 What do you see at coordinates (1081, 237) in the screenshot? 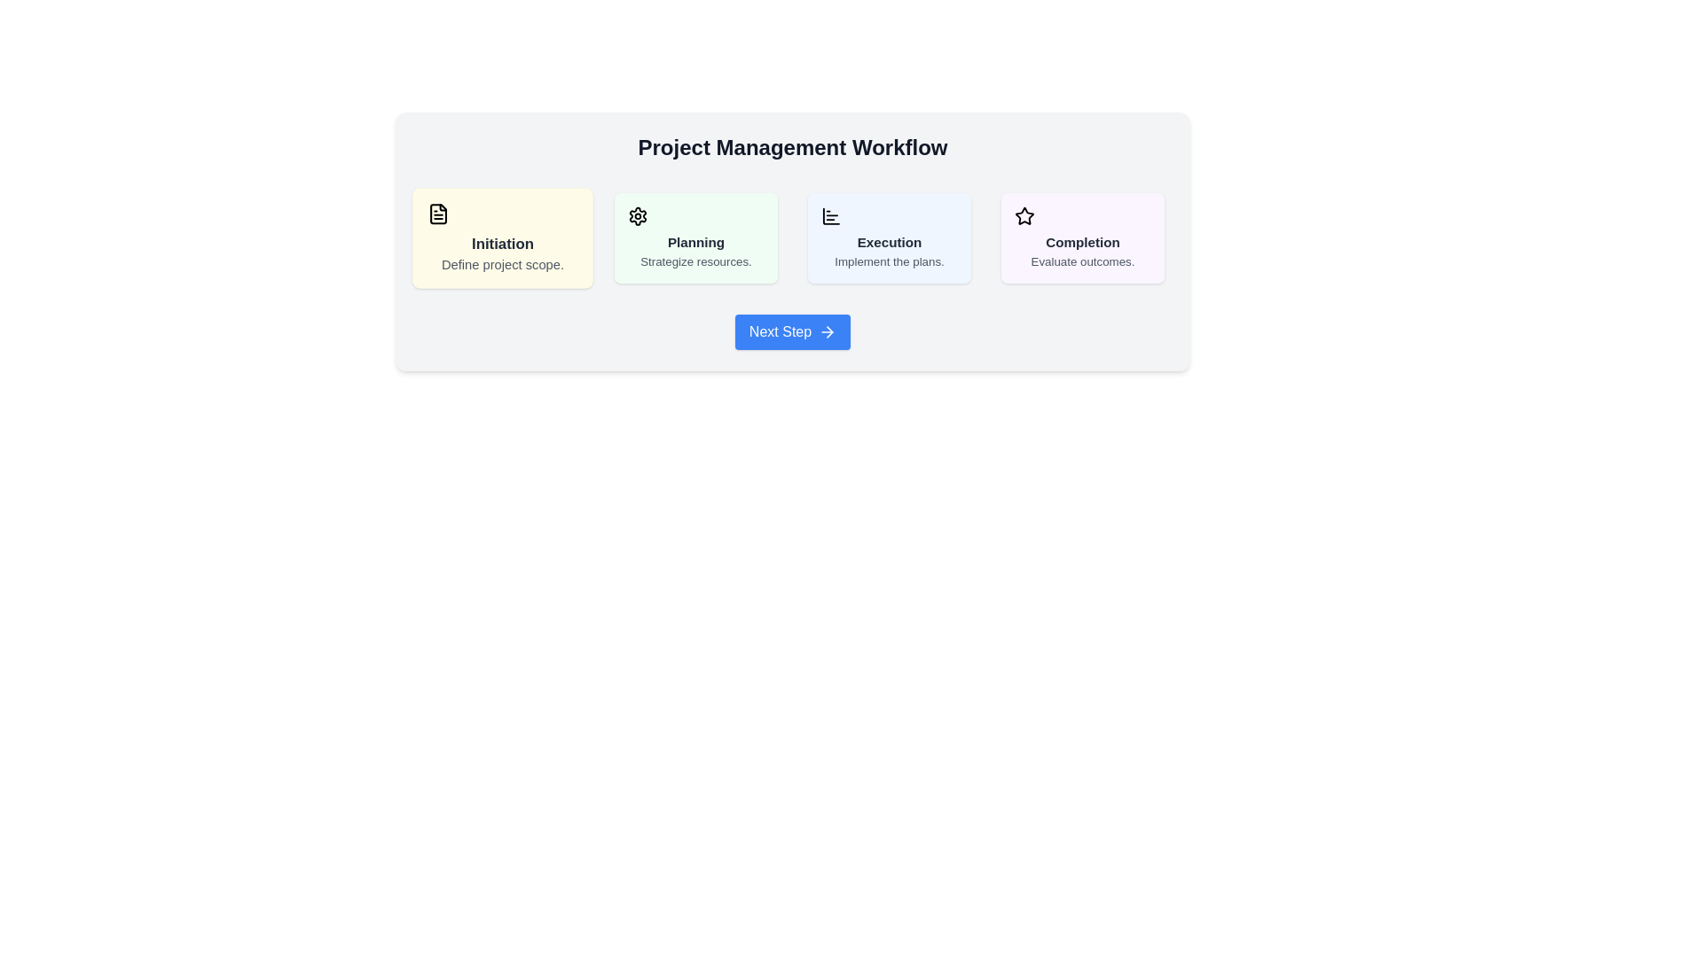
I see `the informational card with a purple background that contains a star icon and the text 'Completion' and 'Evaluate outcomes.' positioned to the far right within the grid layout` at bounding box center [1081, 237].